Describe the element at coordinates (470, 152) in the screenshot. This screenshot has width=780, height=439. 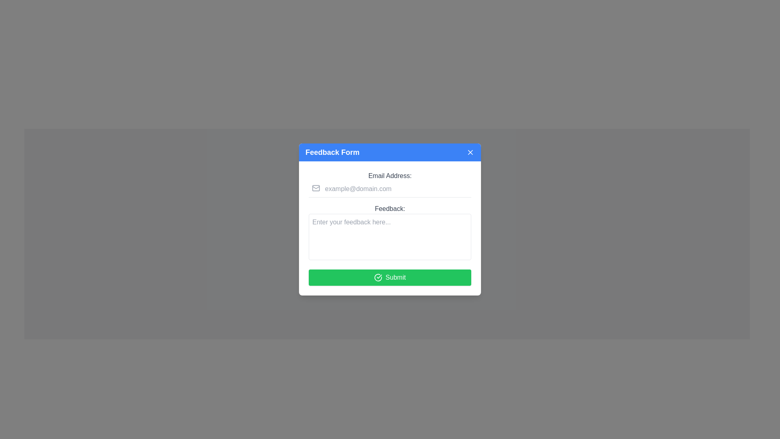
I see `the close button located at the top-right corner of the 'Feedback Form' modal` at that location.